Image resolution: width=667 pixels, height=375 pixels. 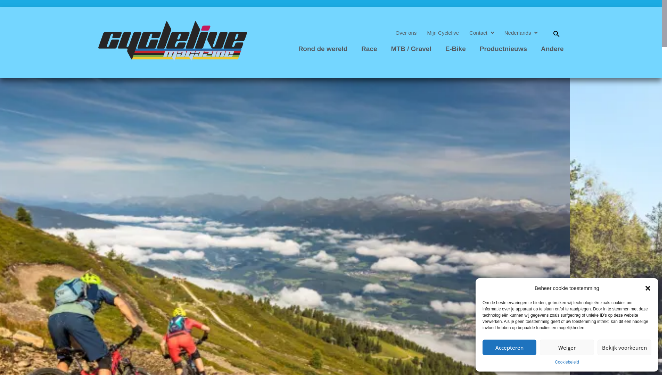 I want to click on 'Cookiebeleid', so click(x=567, y=362).